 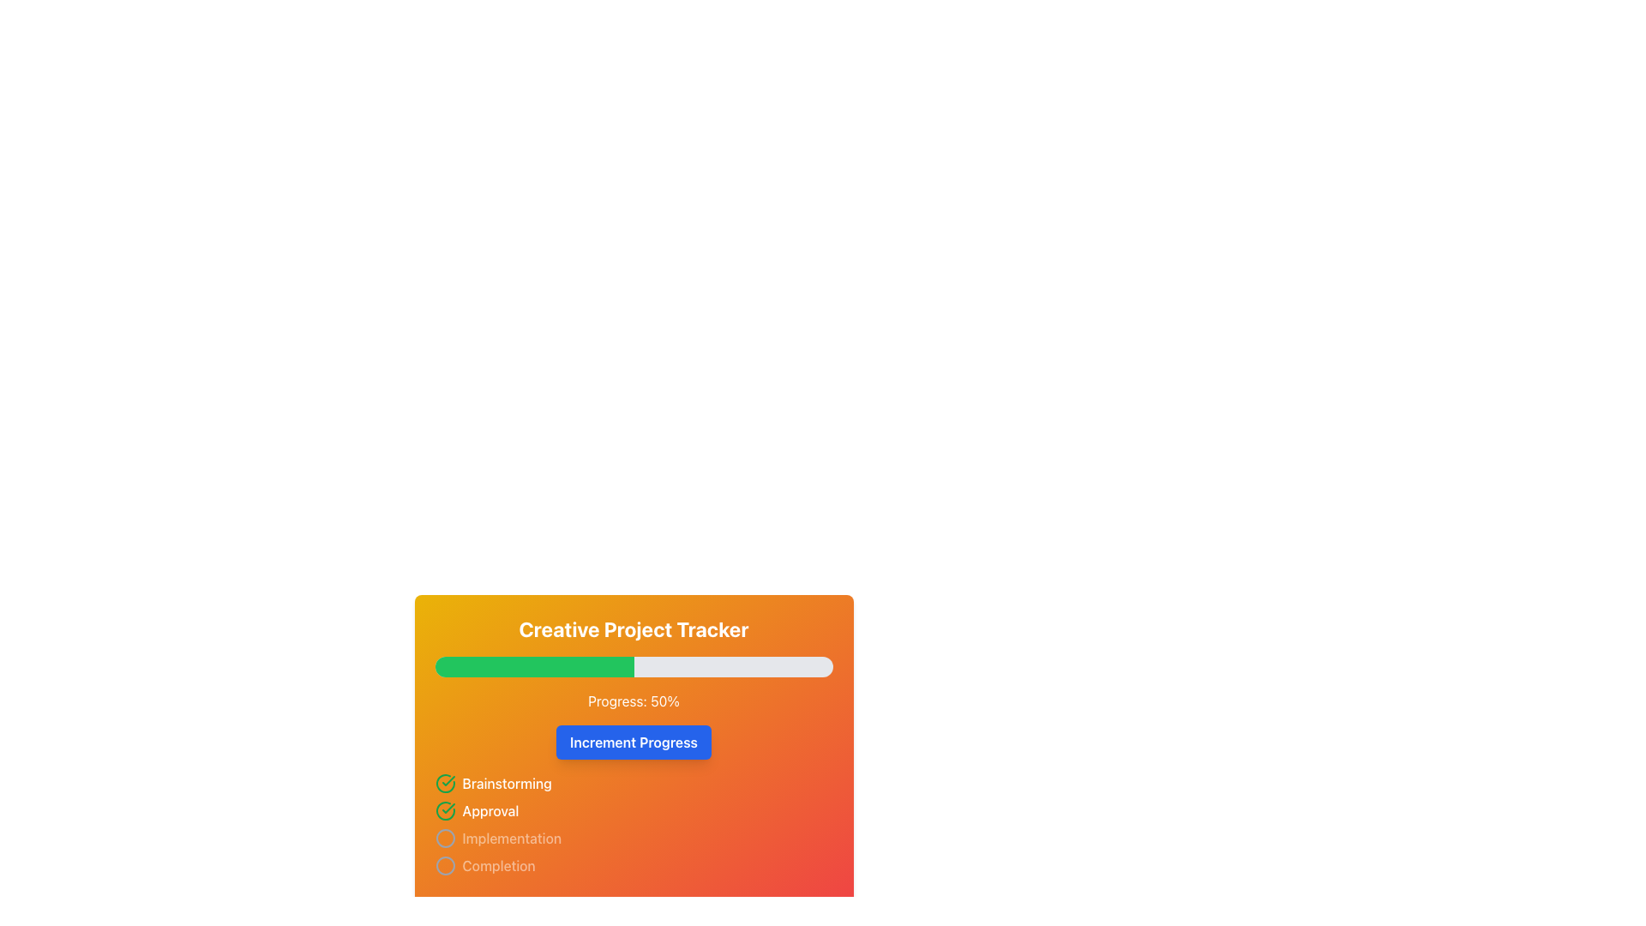 I want to click on the SVG graphic that indicates the 'Completion' stage in the project tracking list, so click(x=445, y=866).